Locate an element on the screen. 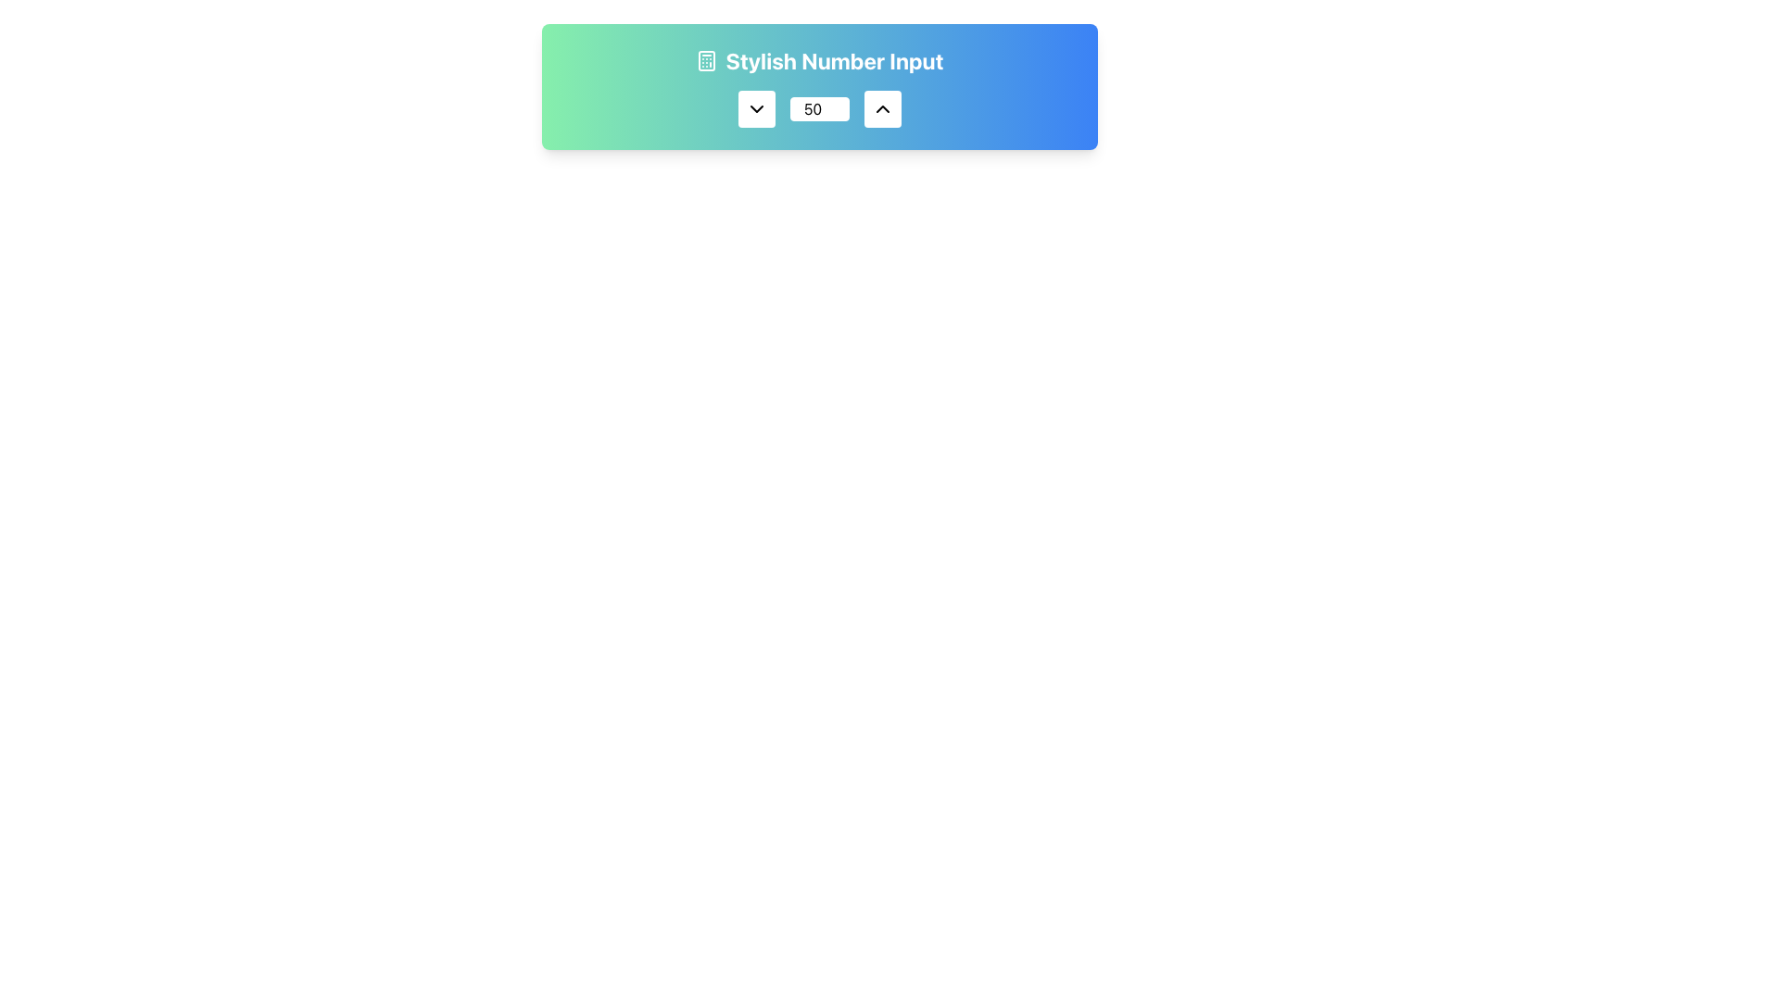  the decorative rectangle icon representing a calculator, which is located to the left of the text 'Stylish Number Input' is located at coordinates (706, 59).